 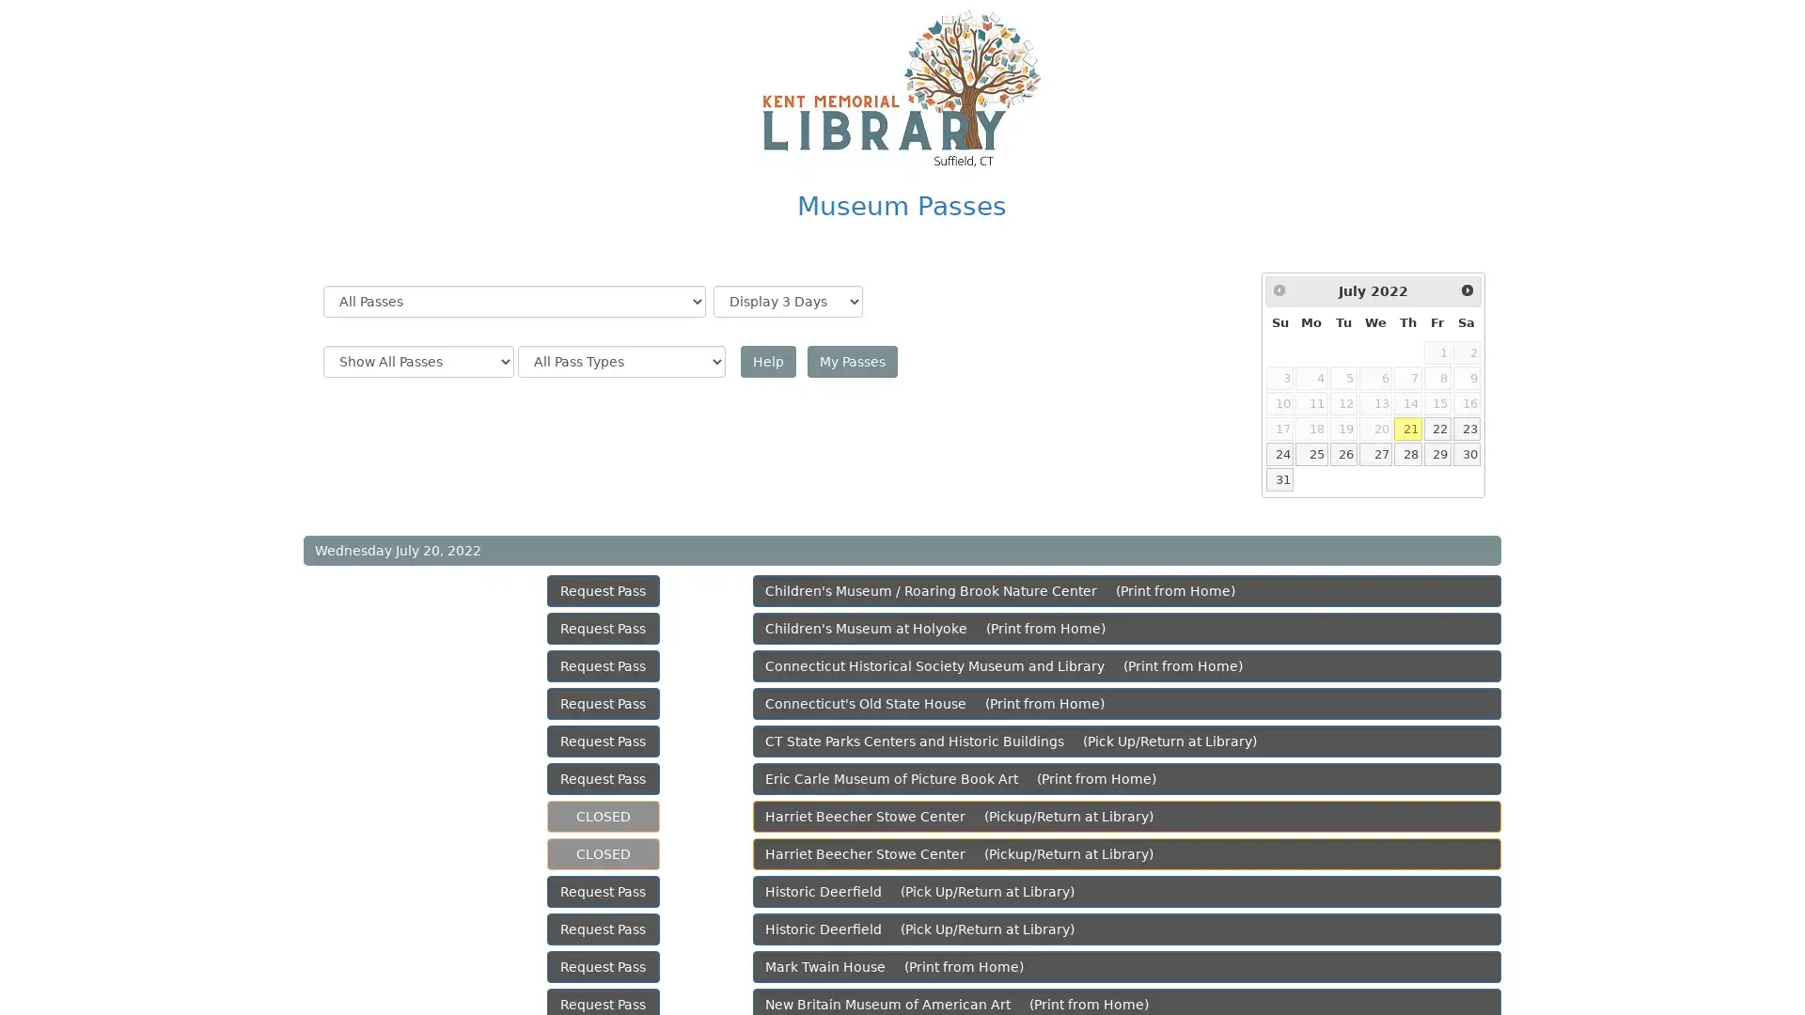 What do you see at coordinates (1126, 589) in the screenshot?
I see `Children's Museum / Roaring Brook Nature Center     (Print from Home)` at bounding box center [1126, 589].